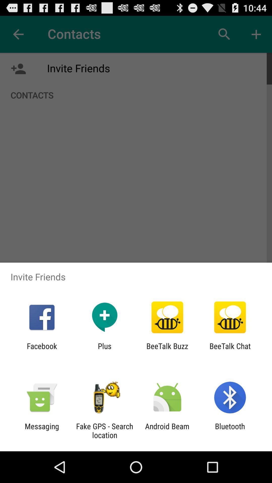 This screenshot has width=272, height=483. I want to click on beetalk buzz, so click(167, 350).